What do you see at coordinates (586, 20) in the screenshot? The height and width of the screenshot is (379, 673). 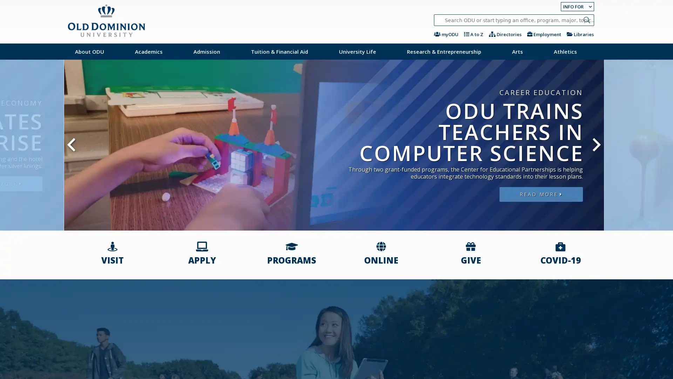 I see `search button` at bounding box center [586, 20].